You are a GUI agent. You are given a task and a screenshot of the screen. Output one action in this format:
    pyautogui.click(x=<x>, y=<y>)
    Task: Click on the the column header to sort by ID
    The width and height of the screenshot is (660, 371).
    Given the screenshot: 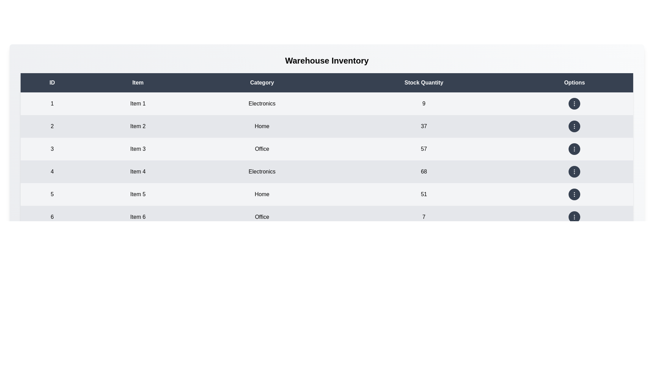 What is the action you would take?
    pyautogui.click(x=51, y=82)
    